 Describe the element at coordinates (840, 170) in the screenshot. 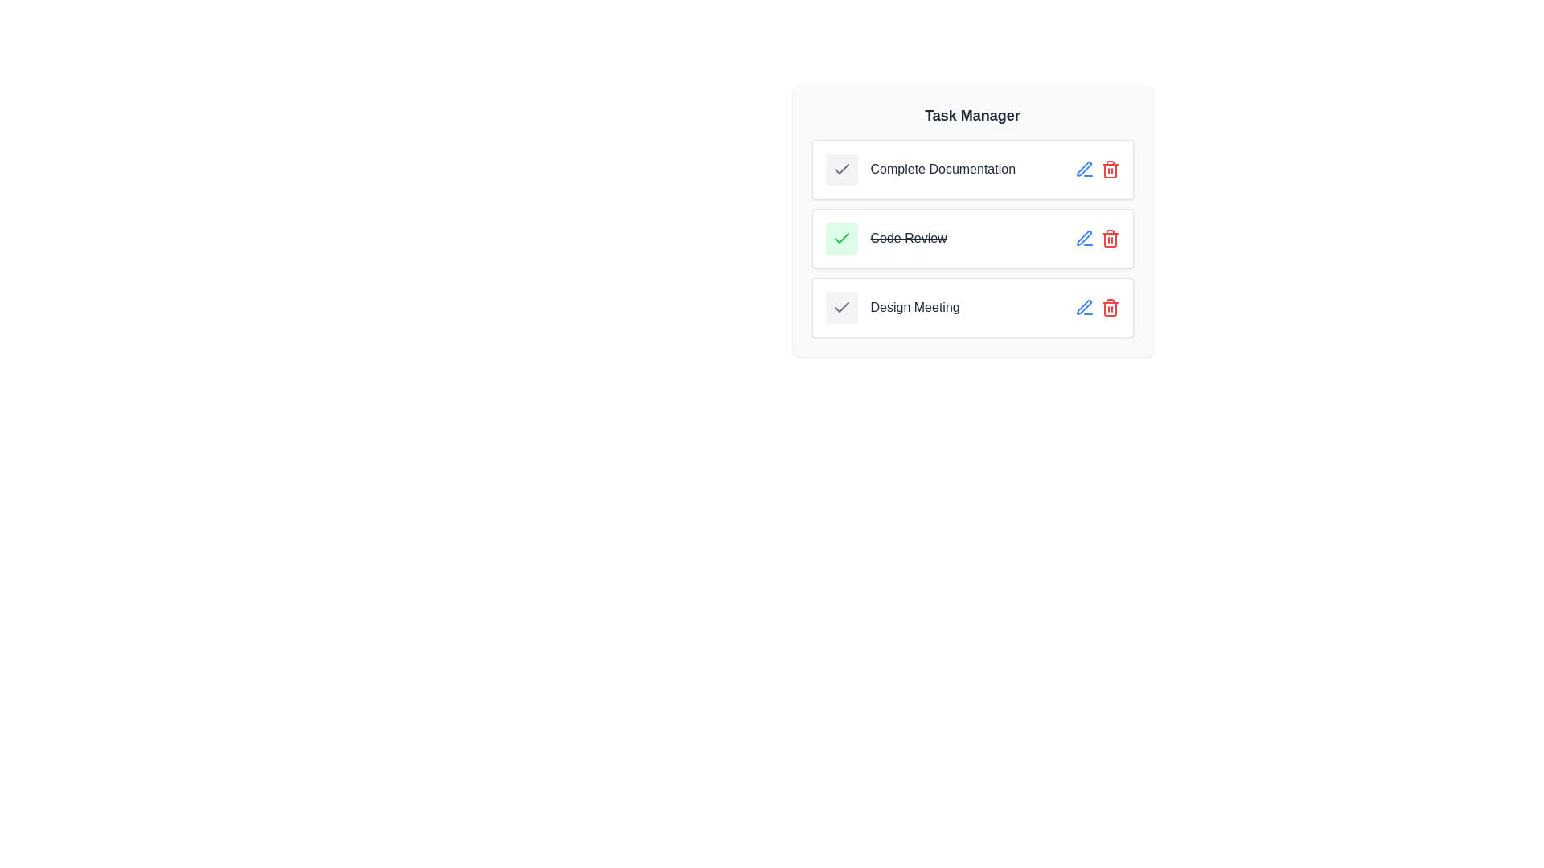

I see `the green checkmark icon located to the left of the task titled 'Code Review', which is the second checkmark in the task list` at that location.